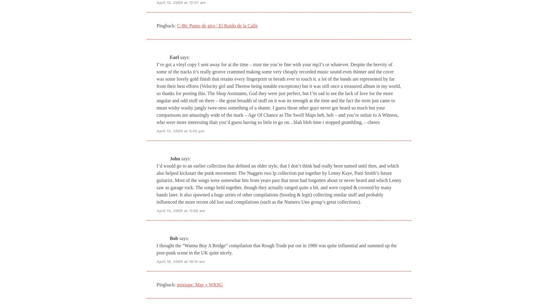 The width and height of the screenshot is (558, 305). I want to click on 'I thought the “Wanna Buy A Bridge” compilation that Rough Trade put out in 1980 was quite influential and summed up the post-punk scene in the UK quite nicely.', so click(277, 249).